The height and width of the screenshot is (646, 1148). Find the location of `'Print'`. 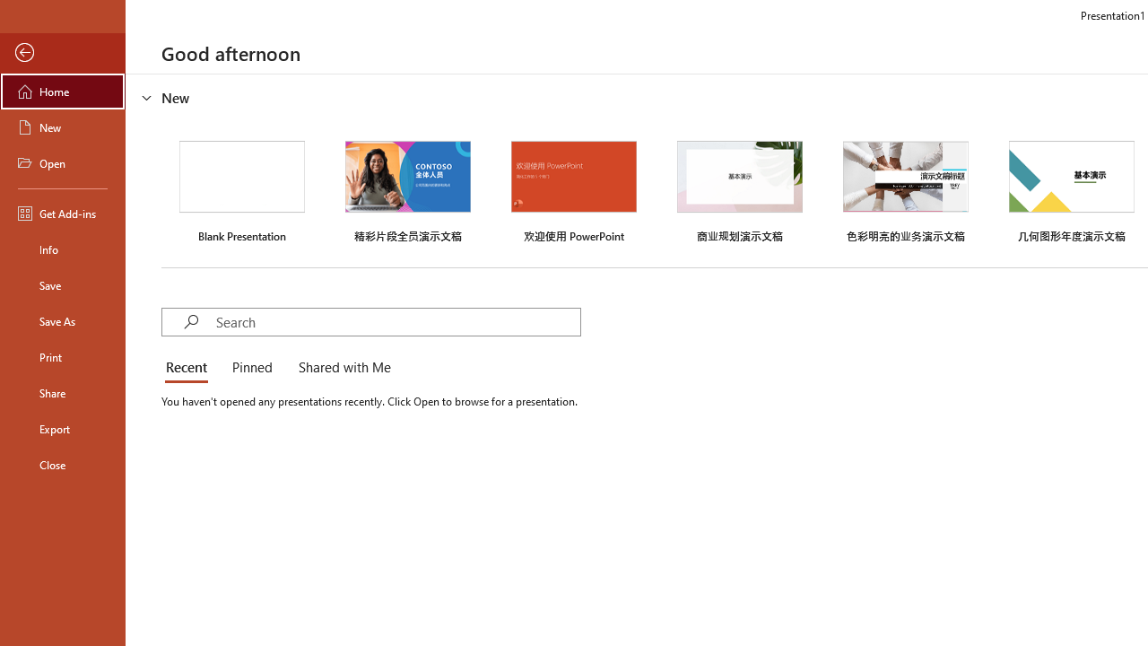

'Print' is located at coordinates (62, 357).